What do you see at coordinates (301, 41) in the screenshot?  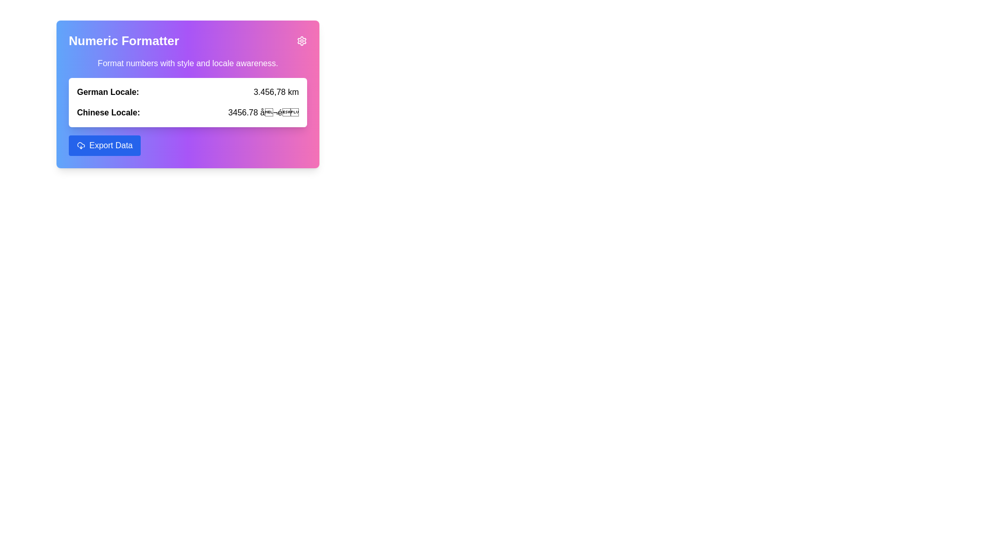 I see `the cogwheel icon representing settings or configuration located at the top-right corner of the 'Numeric Formatter' card` at bounding box center [301, 41].